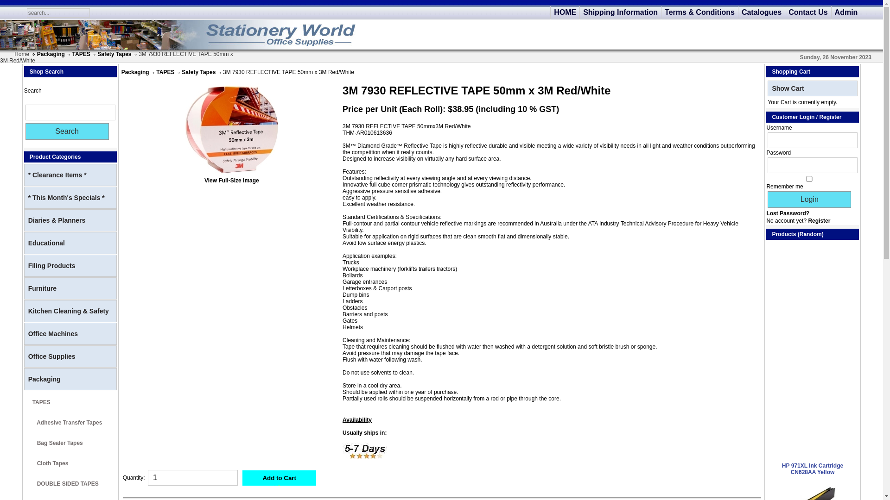 The height and width of the screenshot is (500, 890). I want to click on 'Furniture', so click(70, 288).